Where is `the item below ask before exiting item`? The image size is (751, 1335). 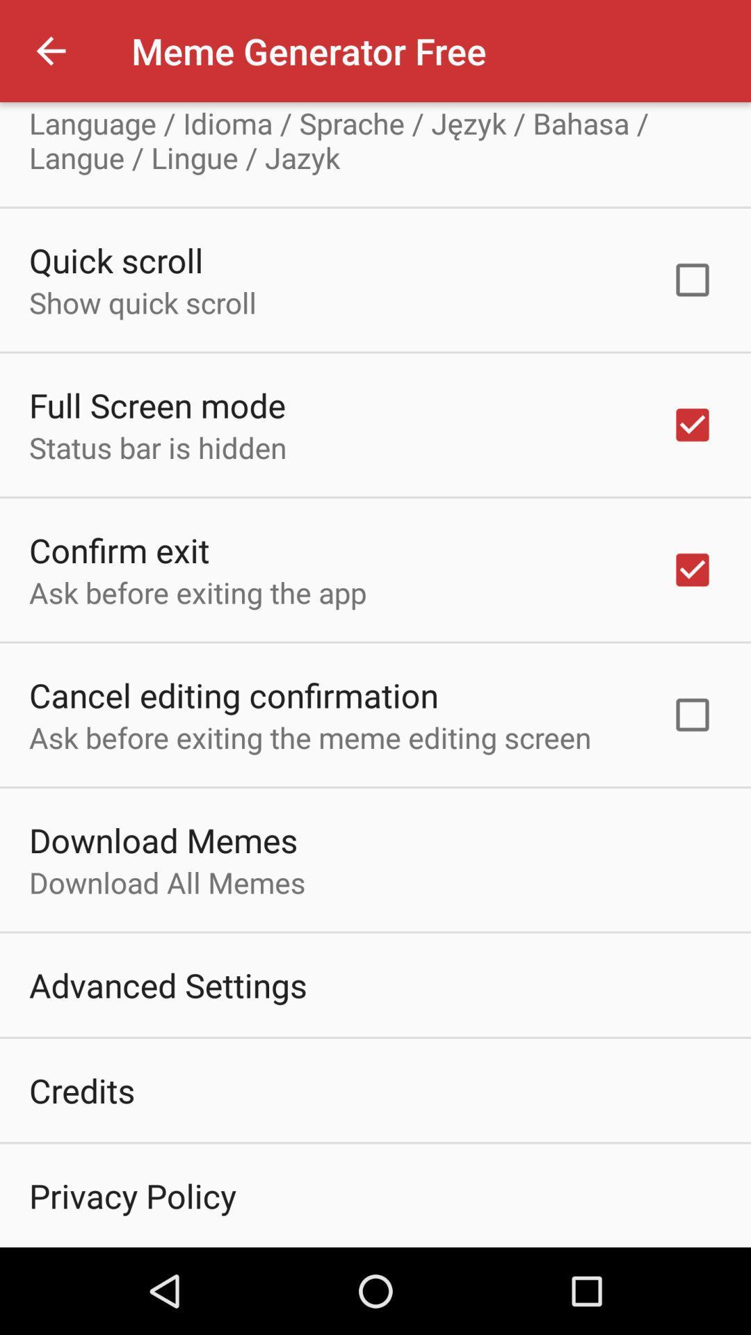 the item below ask before exiting item is located at coordinates (233, 695).